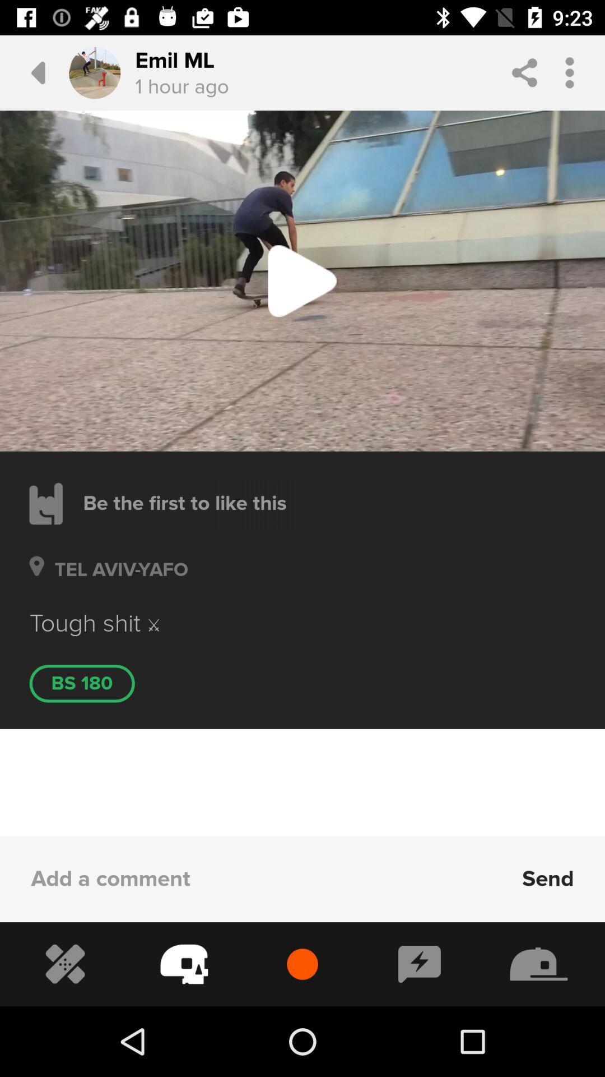  Describe the element at coordinates (302, 280) in the screenshot. I see `the play button in the image` at that location.